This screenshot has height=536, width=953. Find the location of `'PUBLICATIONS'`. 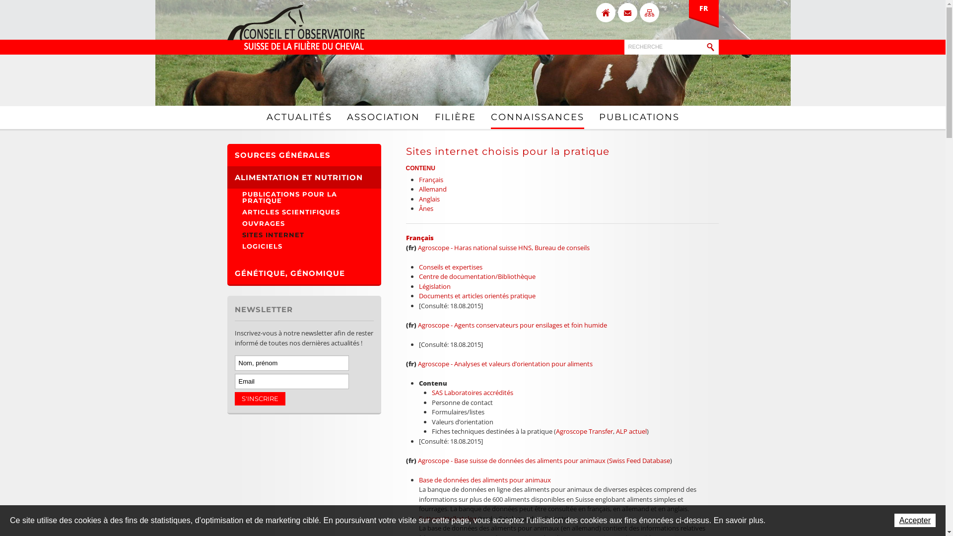

'PUBLICATIONS' is located at coordinates (638, 116).